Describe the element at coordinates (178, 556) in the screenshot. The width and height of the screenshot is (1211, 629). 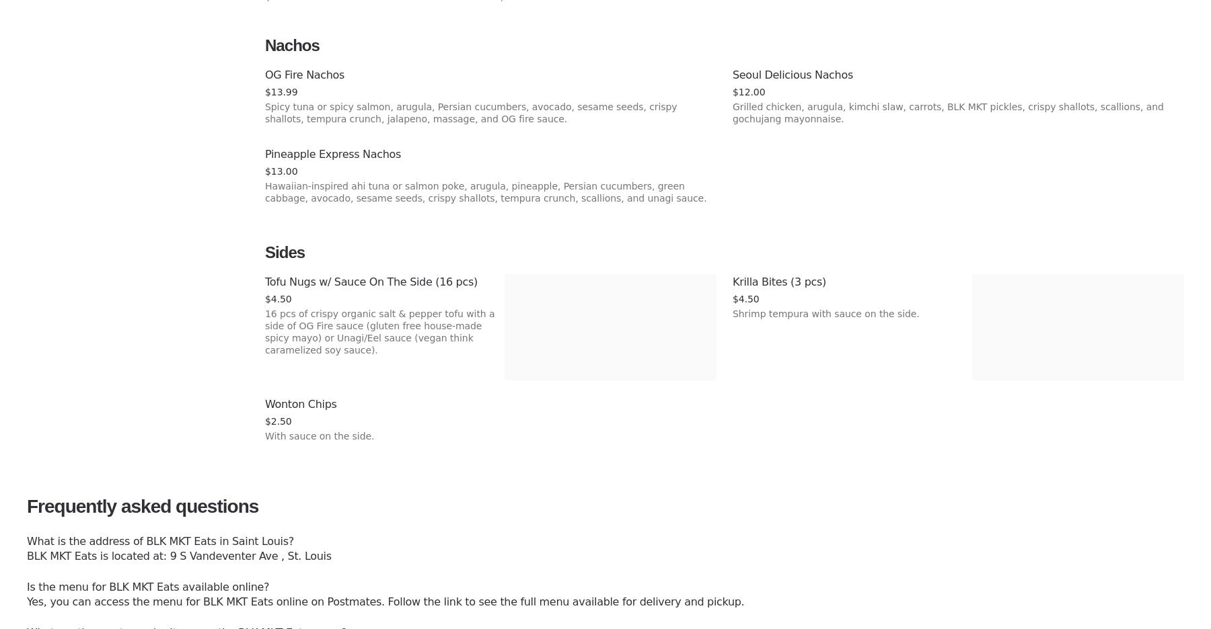
I see `'BLK MKT Eats is located at: 9 S Vandeventer Ave , St. Louis'` at that location.